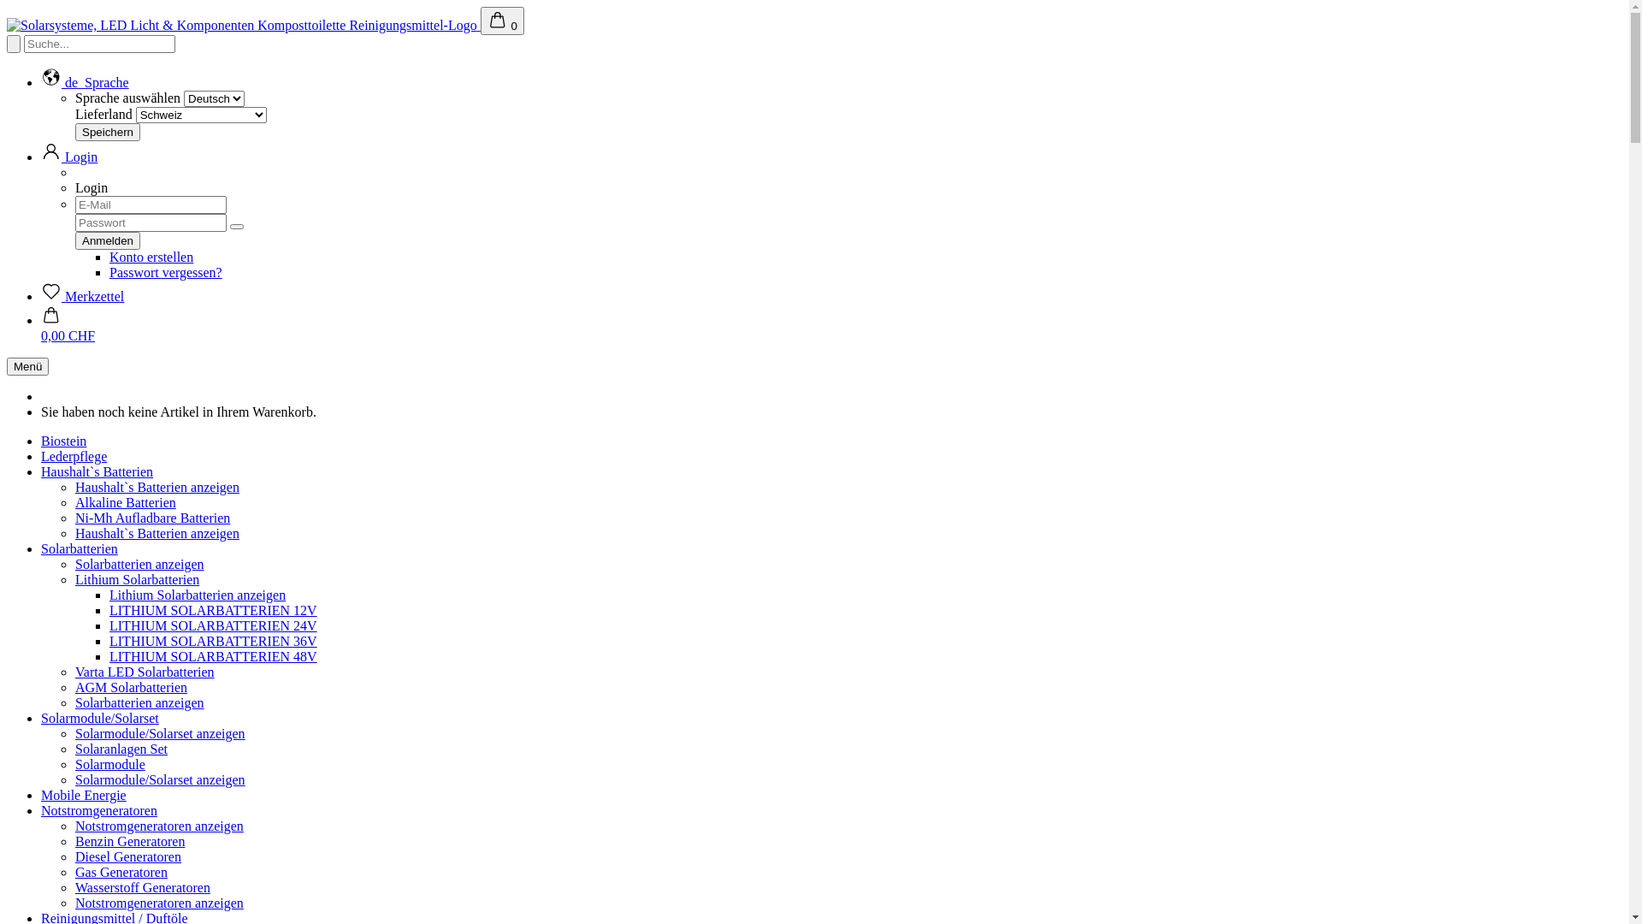 The width and height of the screenshot is (1642, 924). I want to click on 'Haushalt`s Batterien anzeigen', so click(157, 487).